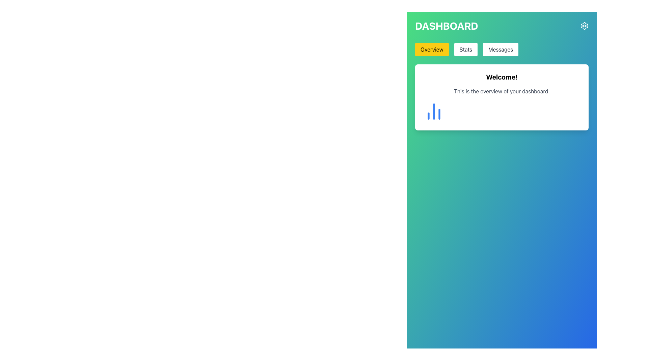  I want to click on the icon located within the white box titled 'Welcome!' that contains the description 'This is the overview of your dashboard.' The icon is situated below the title and description text, slightly shifted to the left side of the box, so click(434, 111).